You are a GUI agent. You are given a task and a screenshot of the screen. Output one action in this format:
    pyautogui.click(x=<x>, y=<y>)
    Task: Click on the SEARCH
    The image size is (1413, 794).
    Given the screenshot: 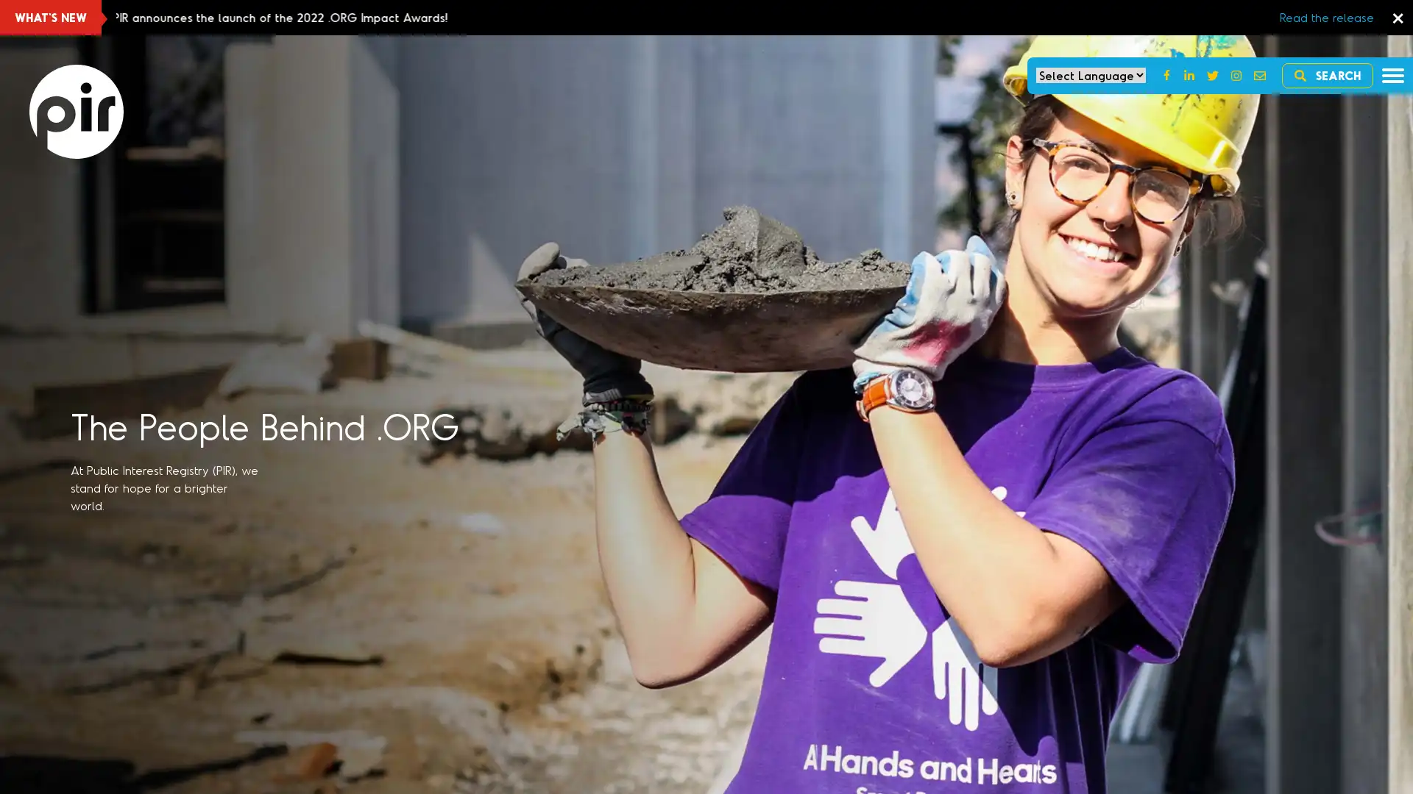 What is the action you would take?
    pyautogui.click(x=1328, y=76)
    